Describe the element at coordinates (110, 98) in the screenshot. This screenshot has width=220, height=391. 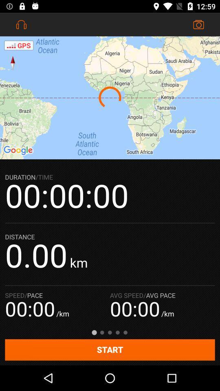
I see `the icon above duration/time` at that location.